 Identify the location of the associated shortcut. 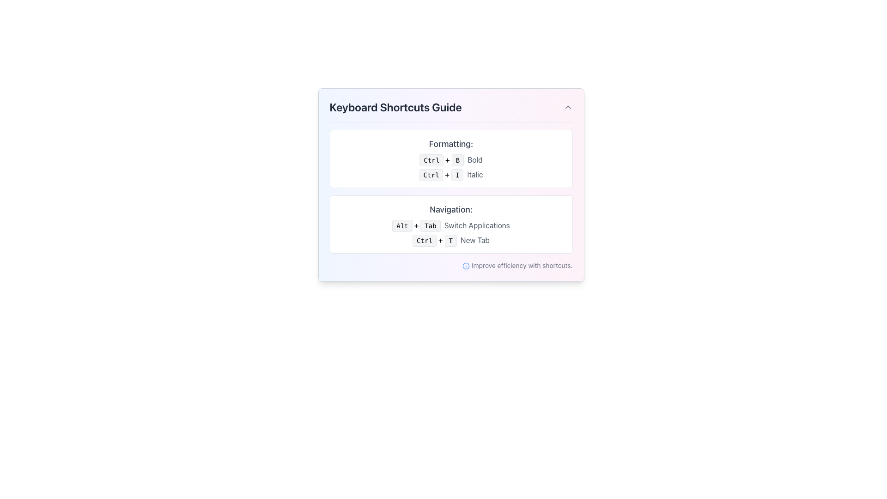
(477, 225).